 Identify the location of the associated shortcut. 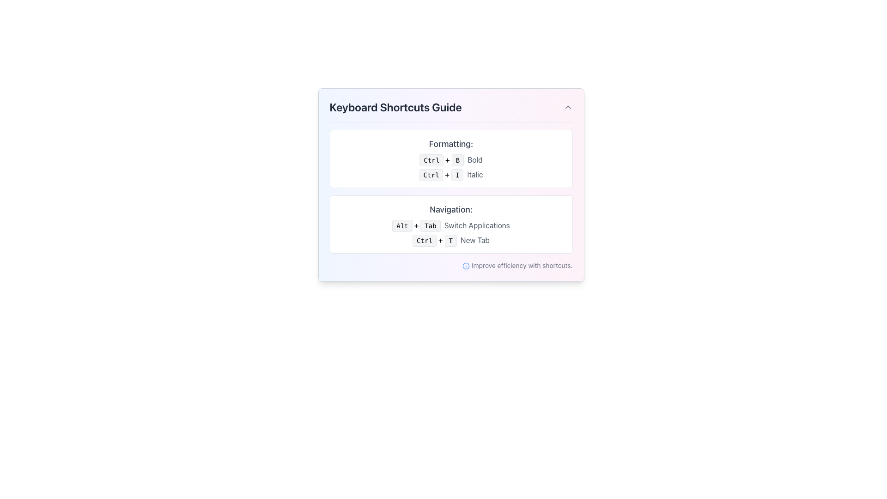
(477, 225).